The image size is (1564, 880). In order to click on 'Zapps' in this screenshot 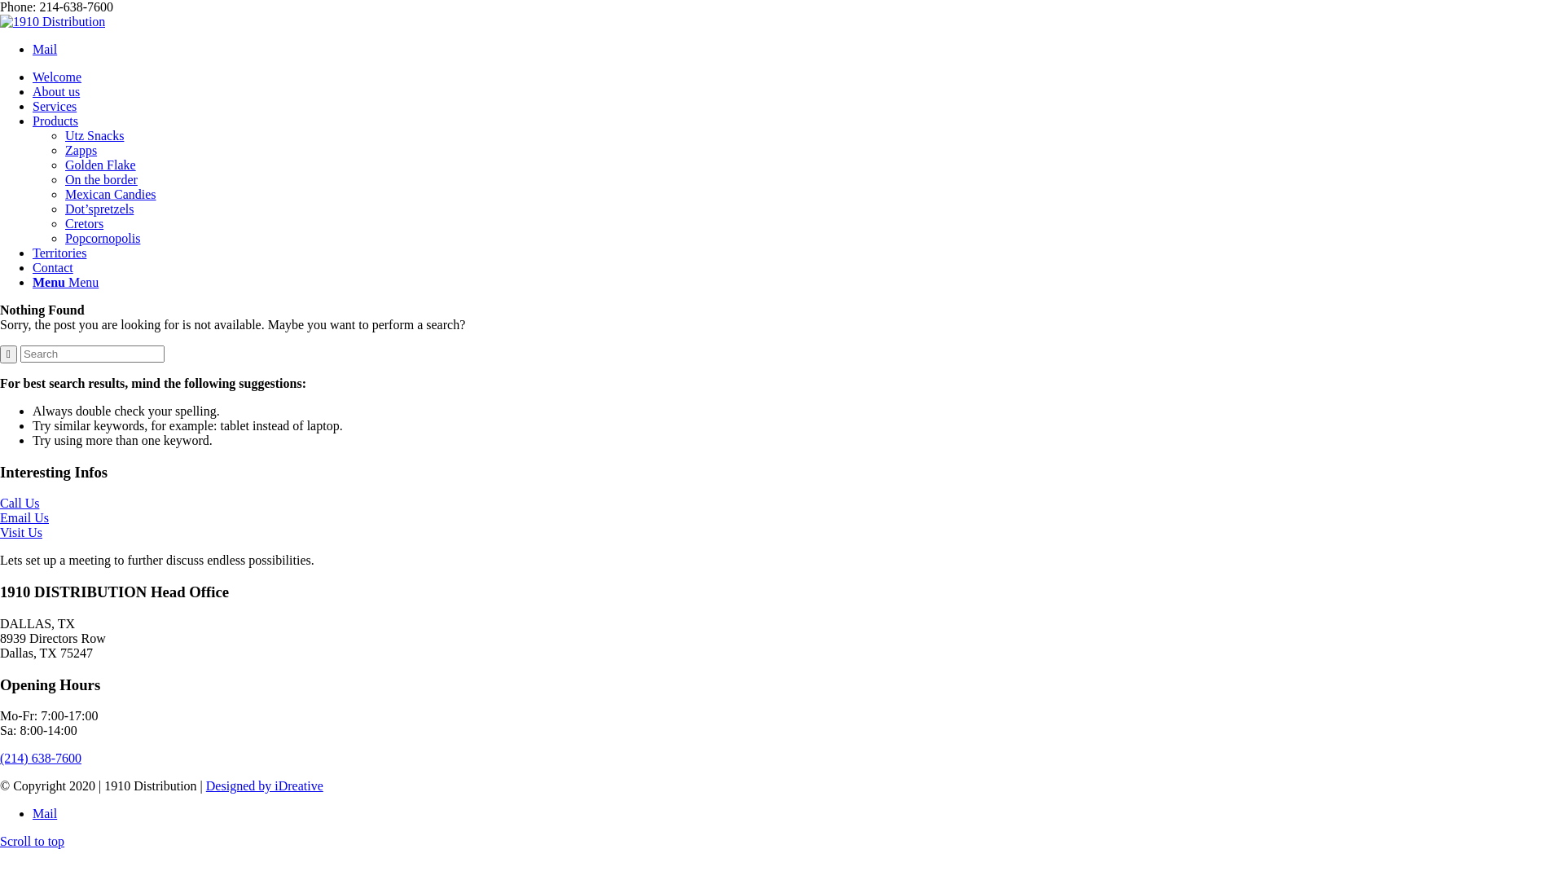, I will do `click(80, 150)`.